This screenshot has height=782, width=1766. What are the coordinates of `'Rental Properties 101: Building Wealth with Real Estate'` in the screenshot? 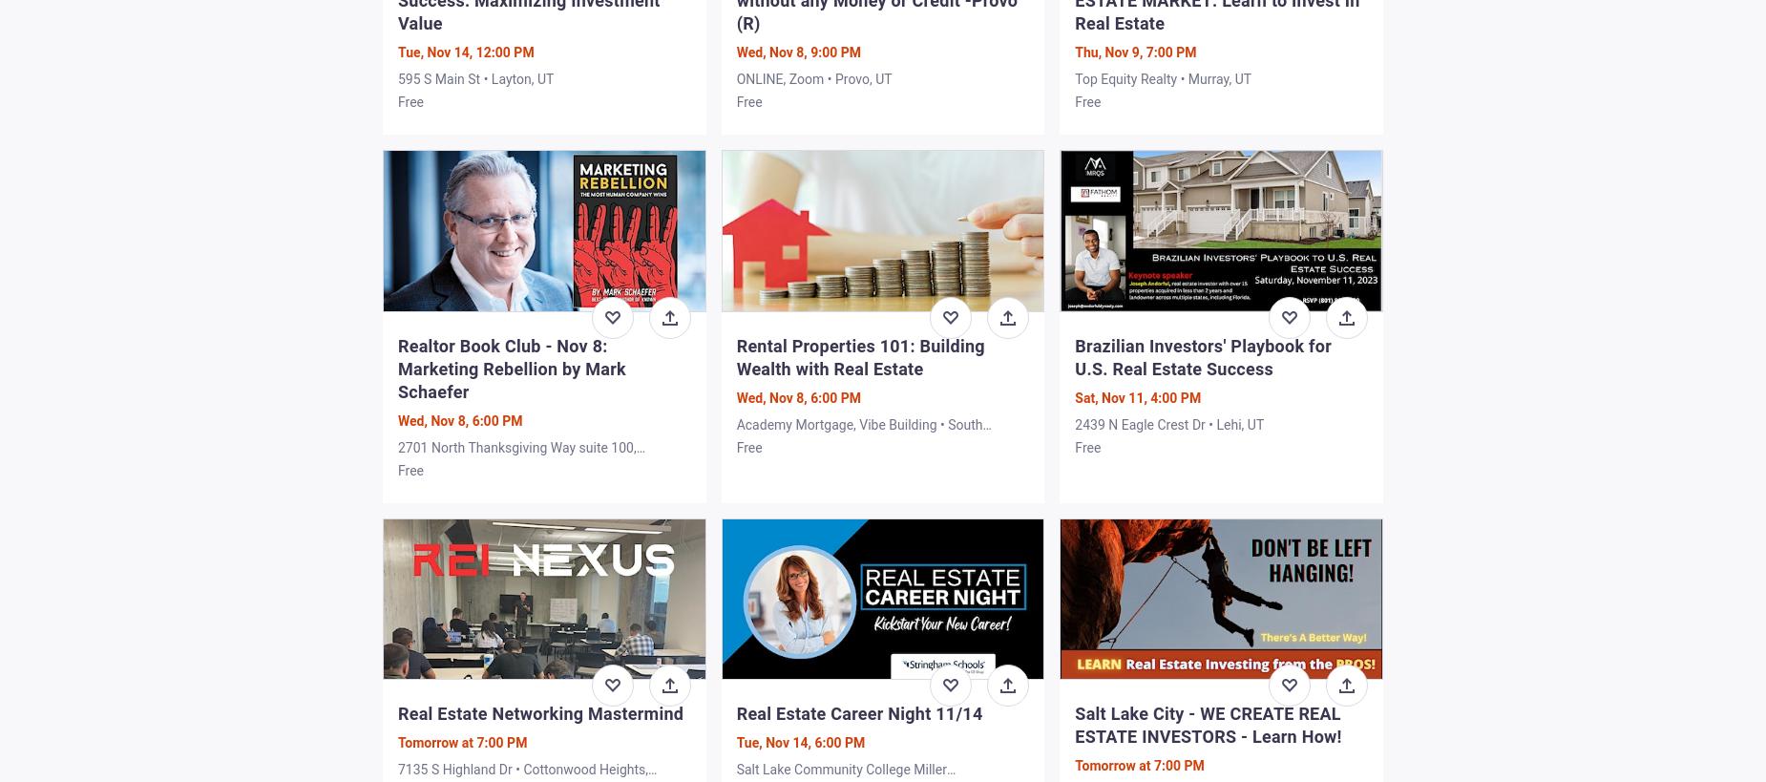 It's located at (859, 355).